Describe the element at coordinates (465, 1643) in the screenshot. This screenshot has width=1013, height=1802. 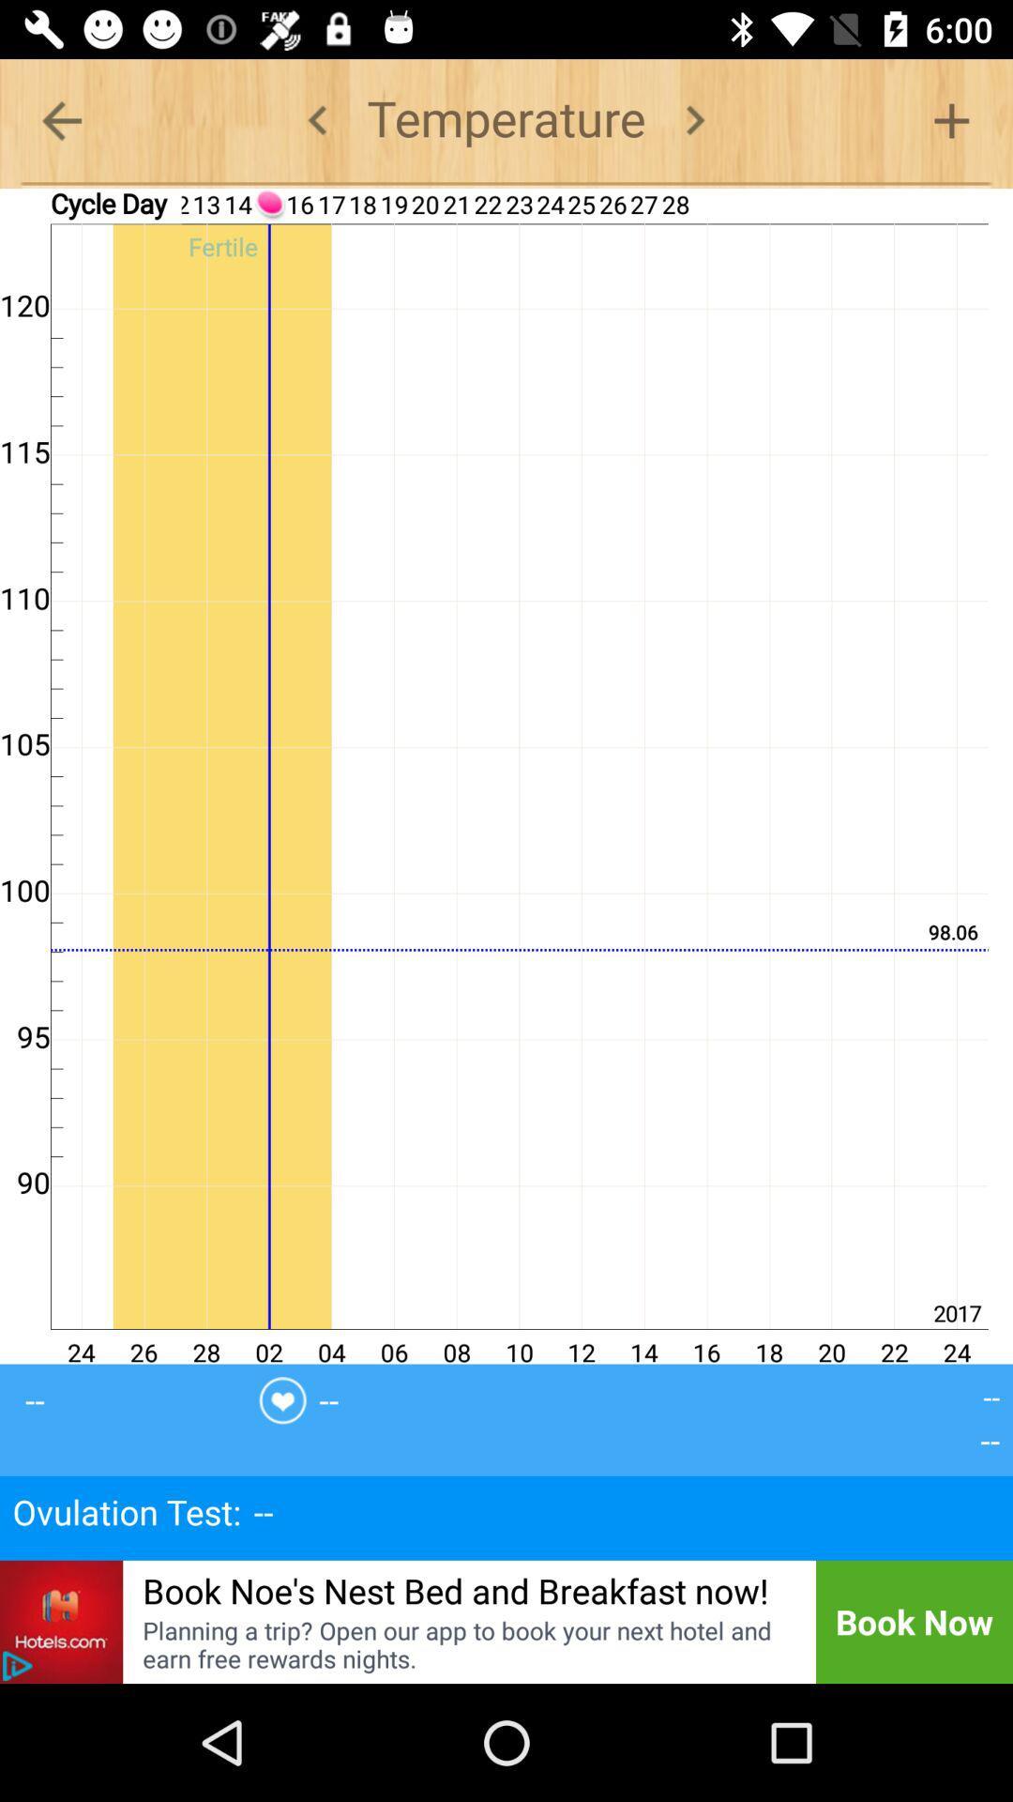
I see `item below book noe s item` at that location.